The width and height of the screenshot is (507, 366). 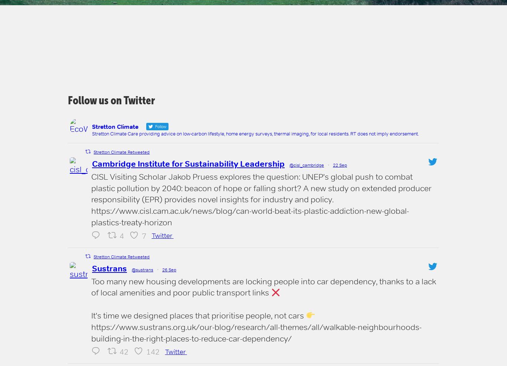 What do you see at coordinates (161, 269) in the screenshot?
I see `'26 Sep'` at bounding box center [161, 269].